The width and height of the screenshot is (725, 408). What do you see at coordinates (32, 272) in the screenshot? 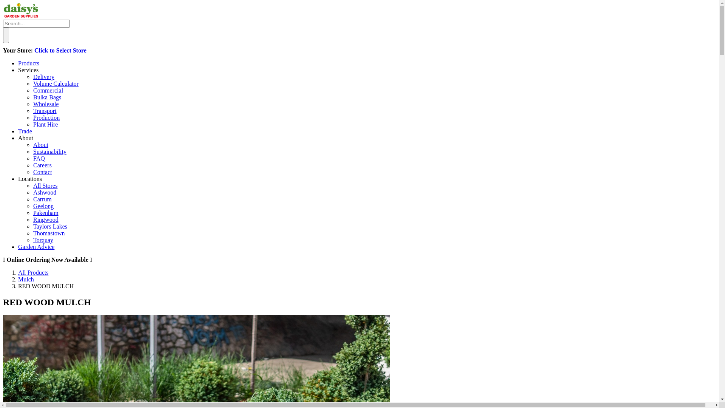
I see `'All Products'` at bounding box center [32, 272].